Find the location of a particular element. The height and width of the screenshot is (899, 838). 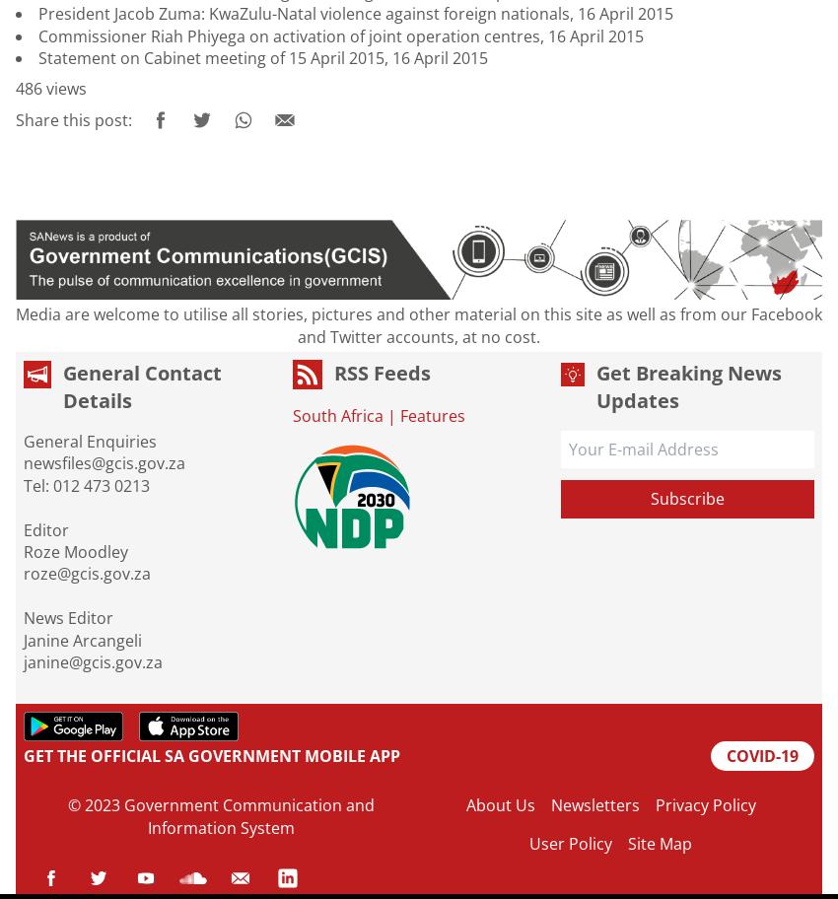

'newsfiles@gcis.gov.za' is located at coordinates (22, 463).